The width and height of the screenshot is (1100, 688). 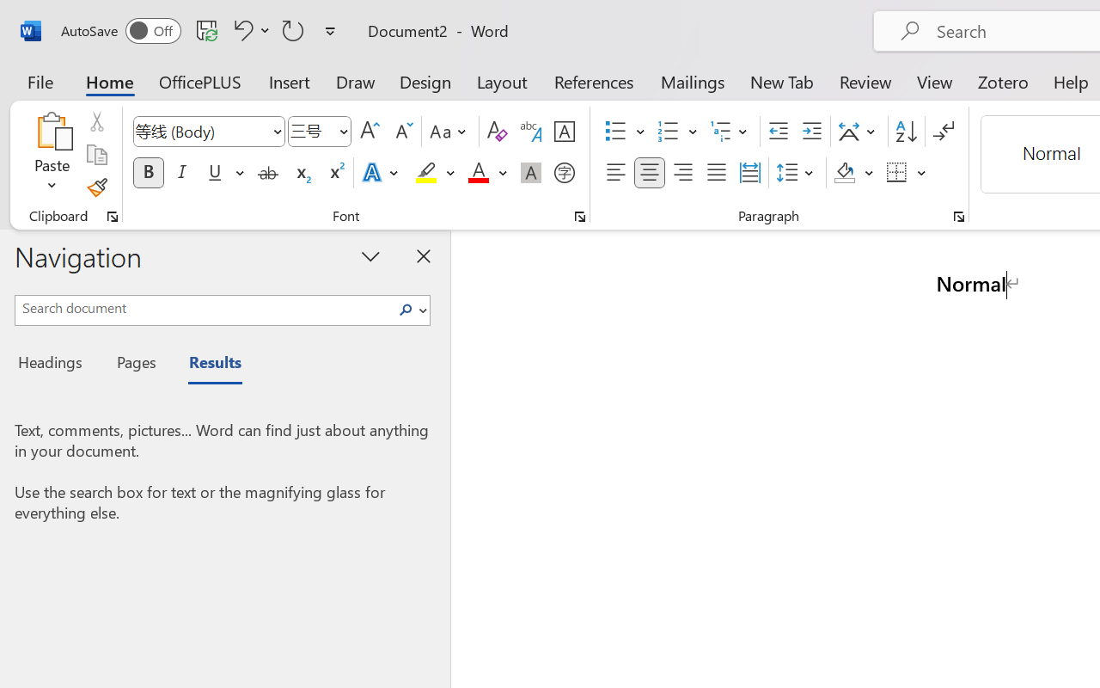 I want to click on 'Bullets', so click(x=624, y=132).